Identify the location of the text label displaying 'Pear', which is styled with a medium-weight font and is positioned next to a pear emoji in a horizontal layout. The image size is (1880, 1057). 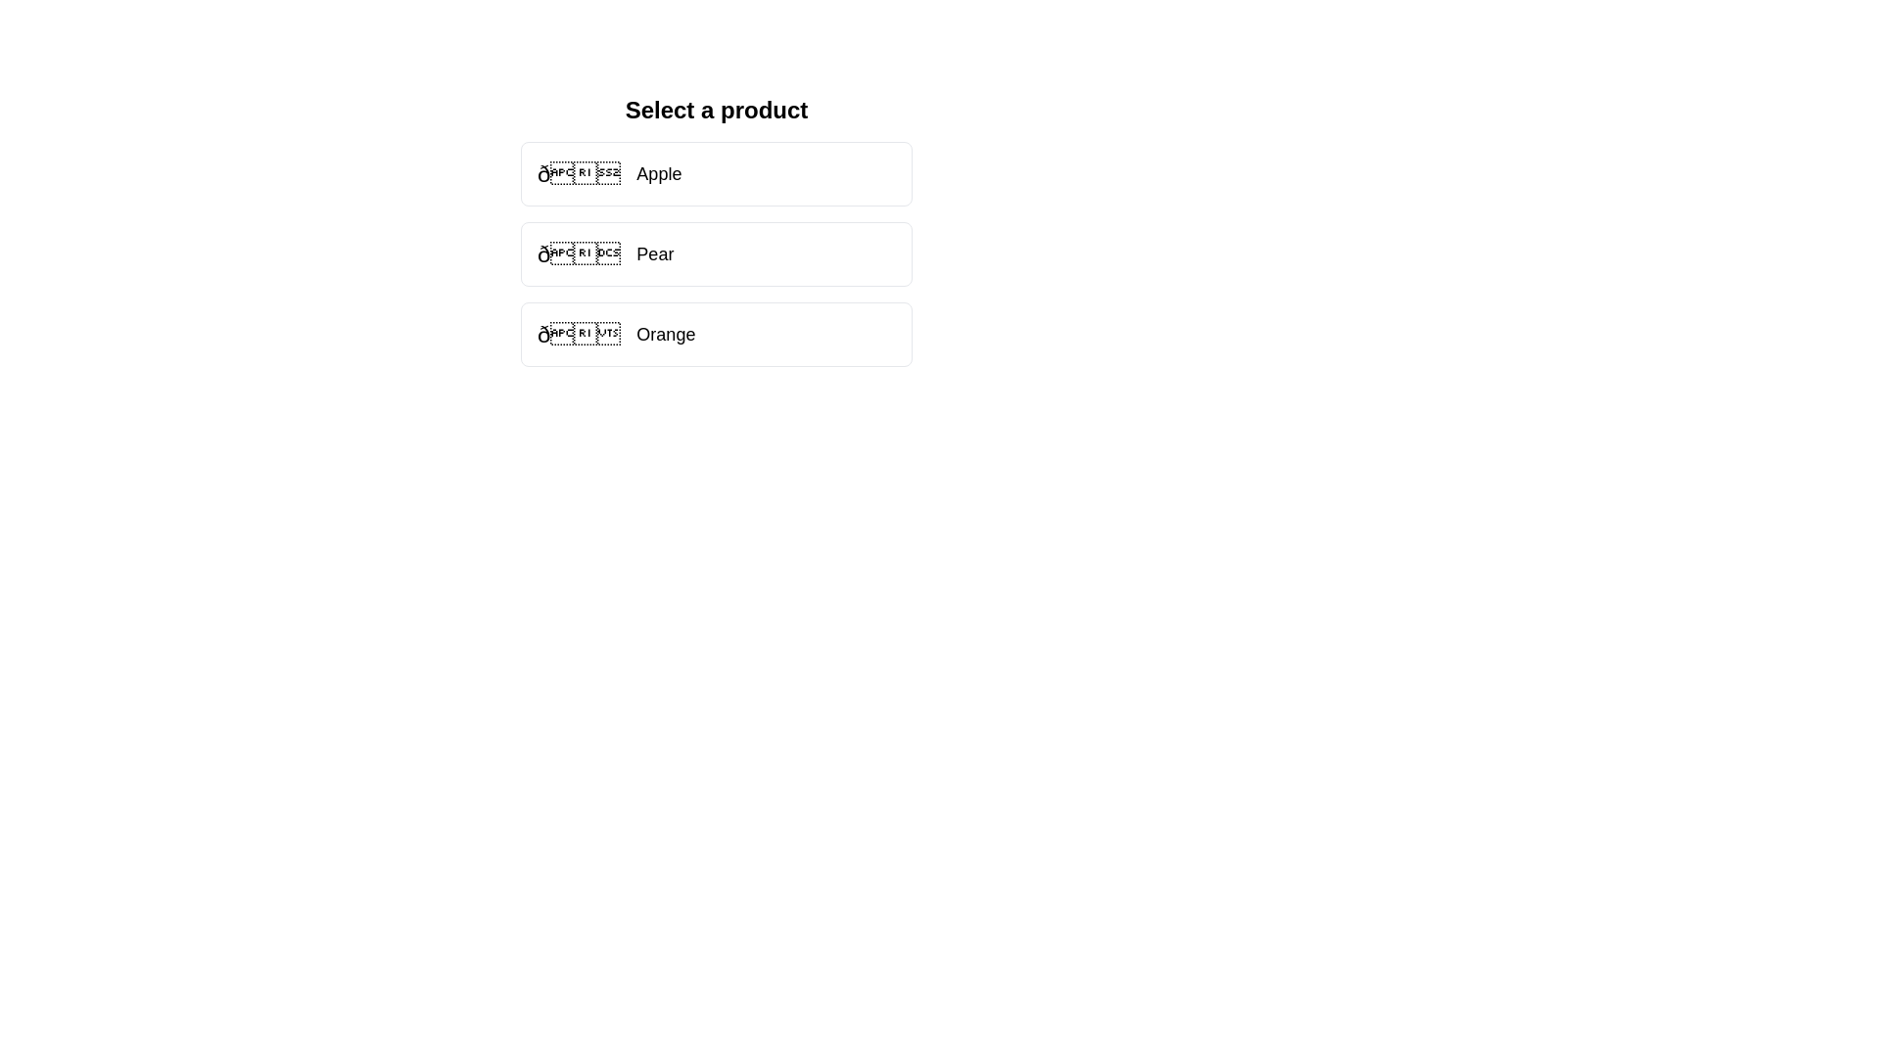
(655, 253).